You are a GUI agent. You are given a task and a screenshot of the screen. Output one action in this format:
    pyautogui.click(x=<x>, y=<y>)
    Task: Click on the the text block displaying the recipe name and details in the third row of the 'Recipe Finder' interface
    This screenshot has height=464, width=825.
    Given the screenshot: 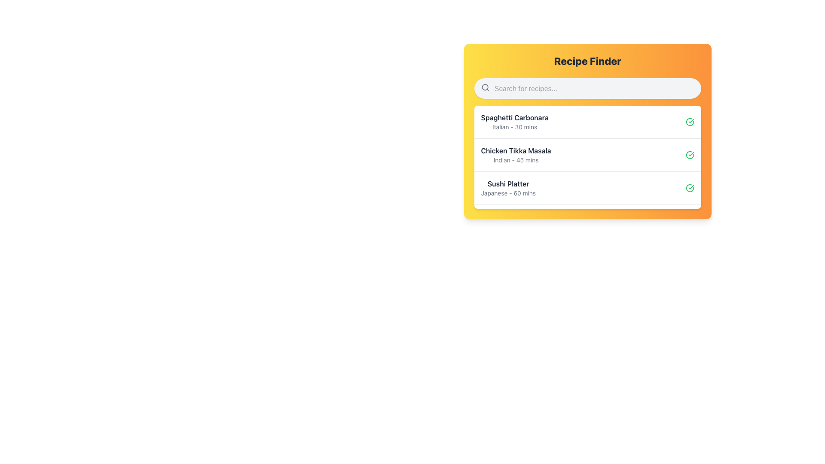 What is the action you would take?
    pyautogui.click(x=508, y=188)
    